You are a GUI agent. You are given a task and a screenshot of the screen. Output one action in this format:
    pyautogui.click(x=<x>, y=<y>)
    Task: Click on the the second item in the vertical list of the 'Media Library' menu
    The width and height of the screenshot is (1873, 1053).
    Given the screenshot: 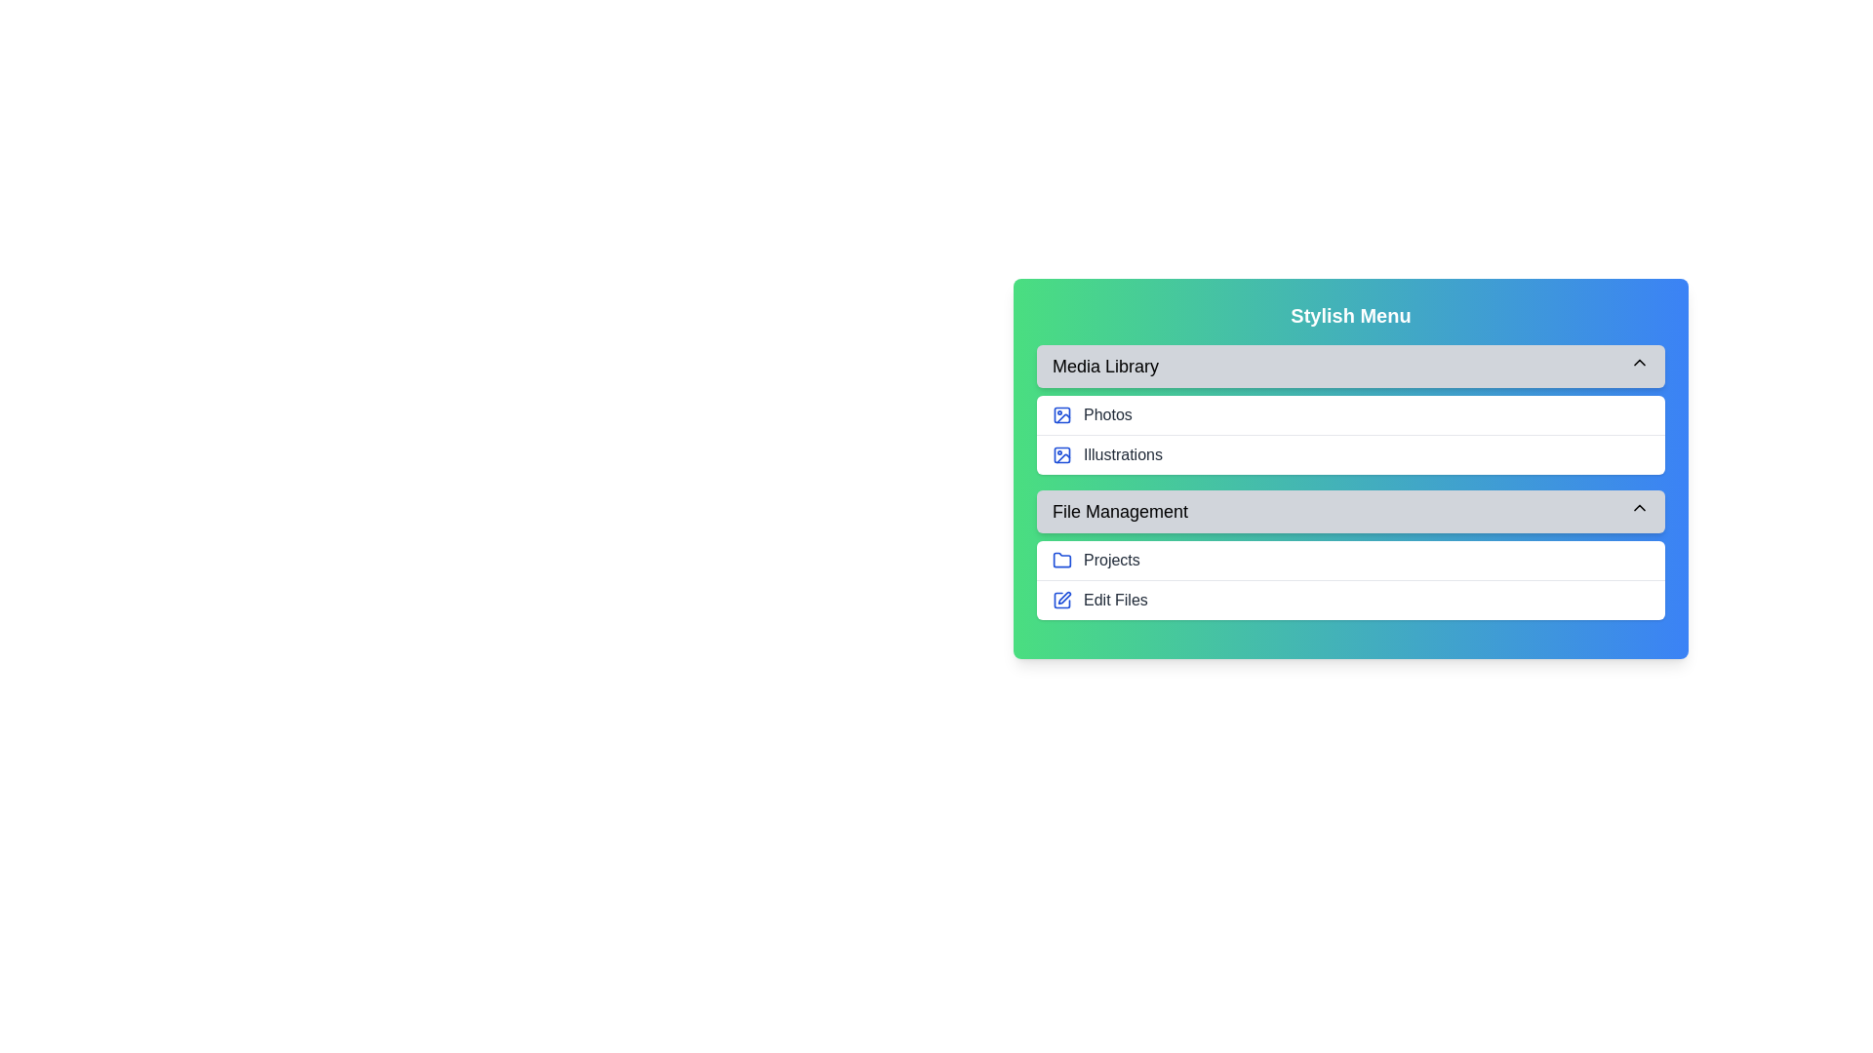 What is the action you would take?
    pyautogui.click(x=1350, y=454)
    